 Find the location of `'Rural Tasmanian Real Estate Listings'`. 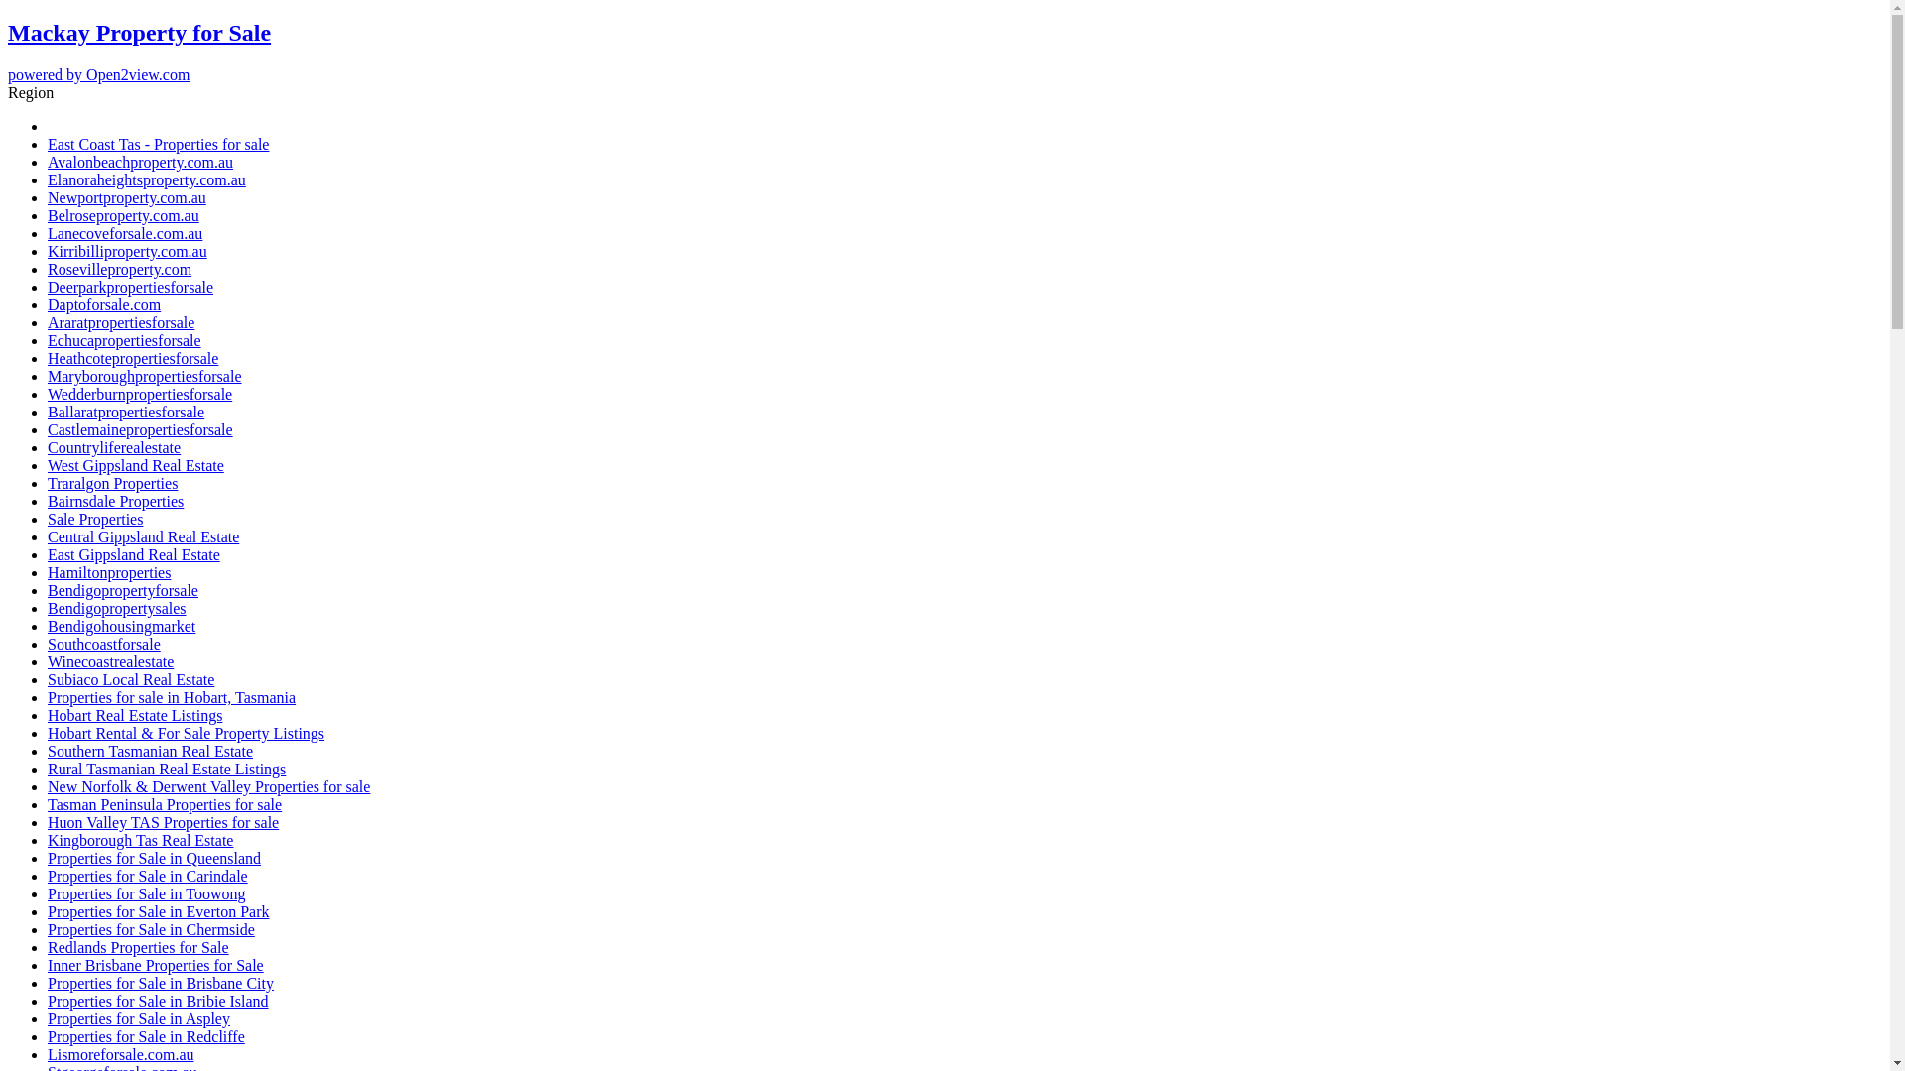

'Rural Tasmanian Real Estate Listings' is located at coordinates (48, 768).